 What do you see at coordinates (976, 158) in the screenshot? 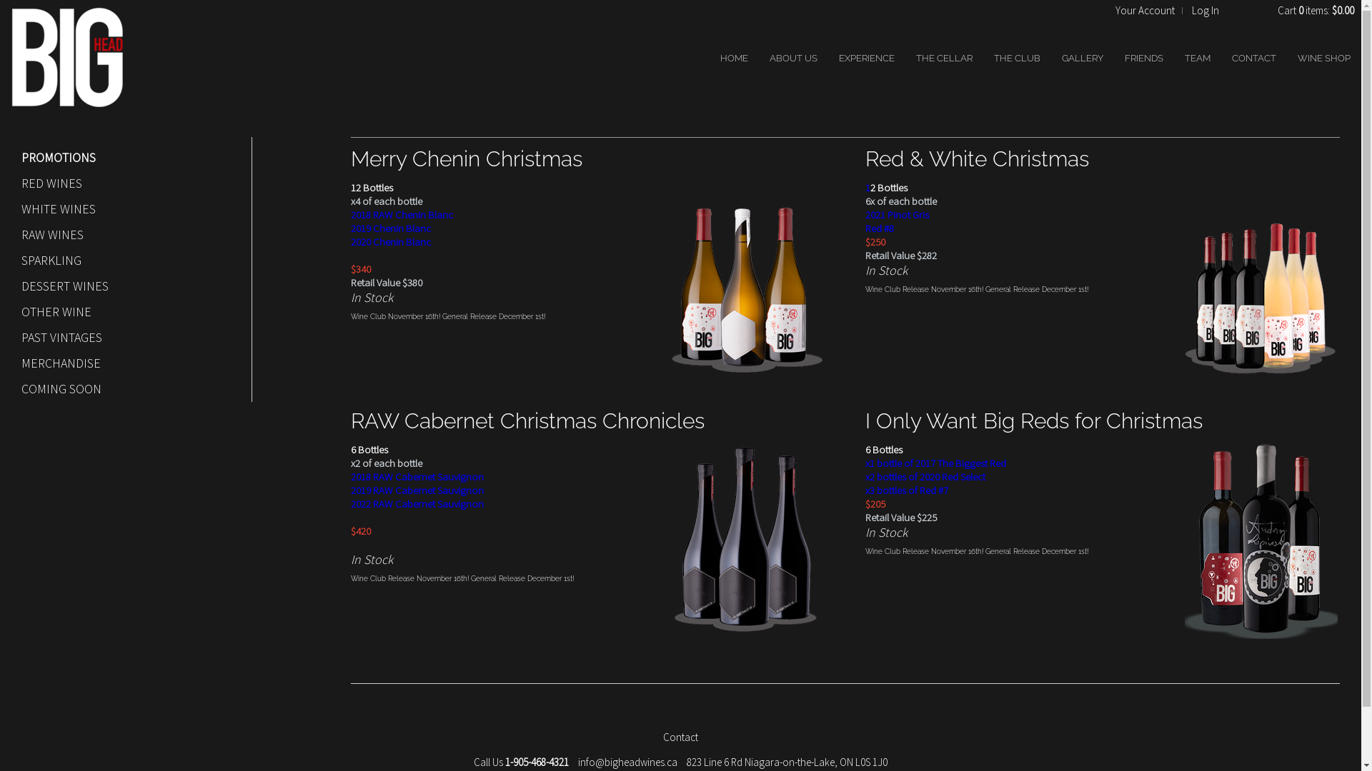
I see `'Red & White Christmas'` at bounding box center [976, 158].